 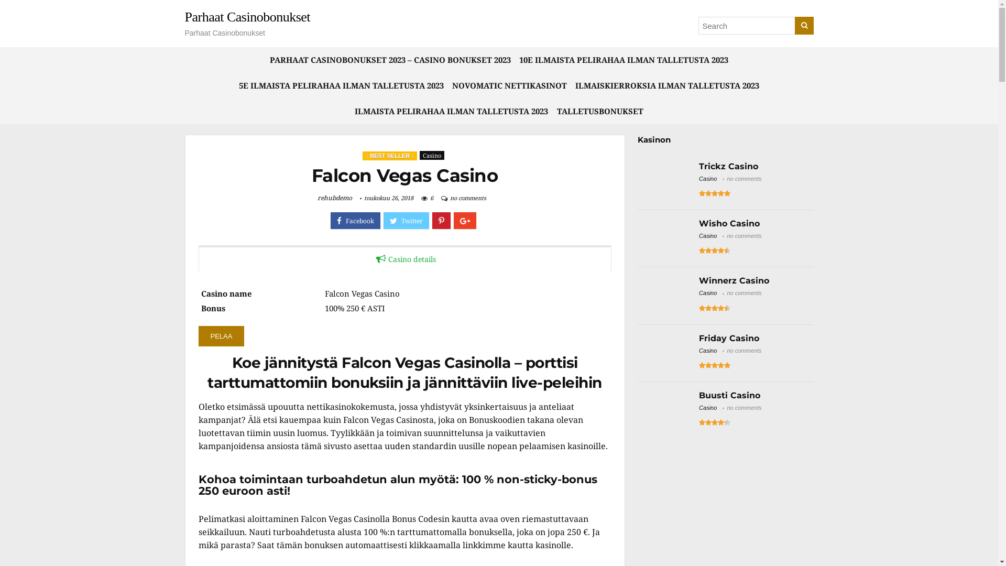 What do you see at coordinates (334, 198) in the screenshot?
I see `'rehubdemo'` at bounding box center [334, 198].